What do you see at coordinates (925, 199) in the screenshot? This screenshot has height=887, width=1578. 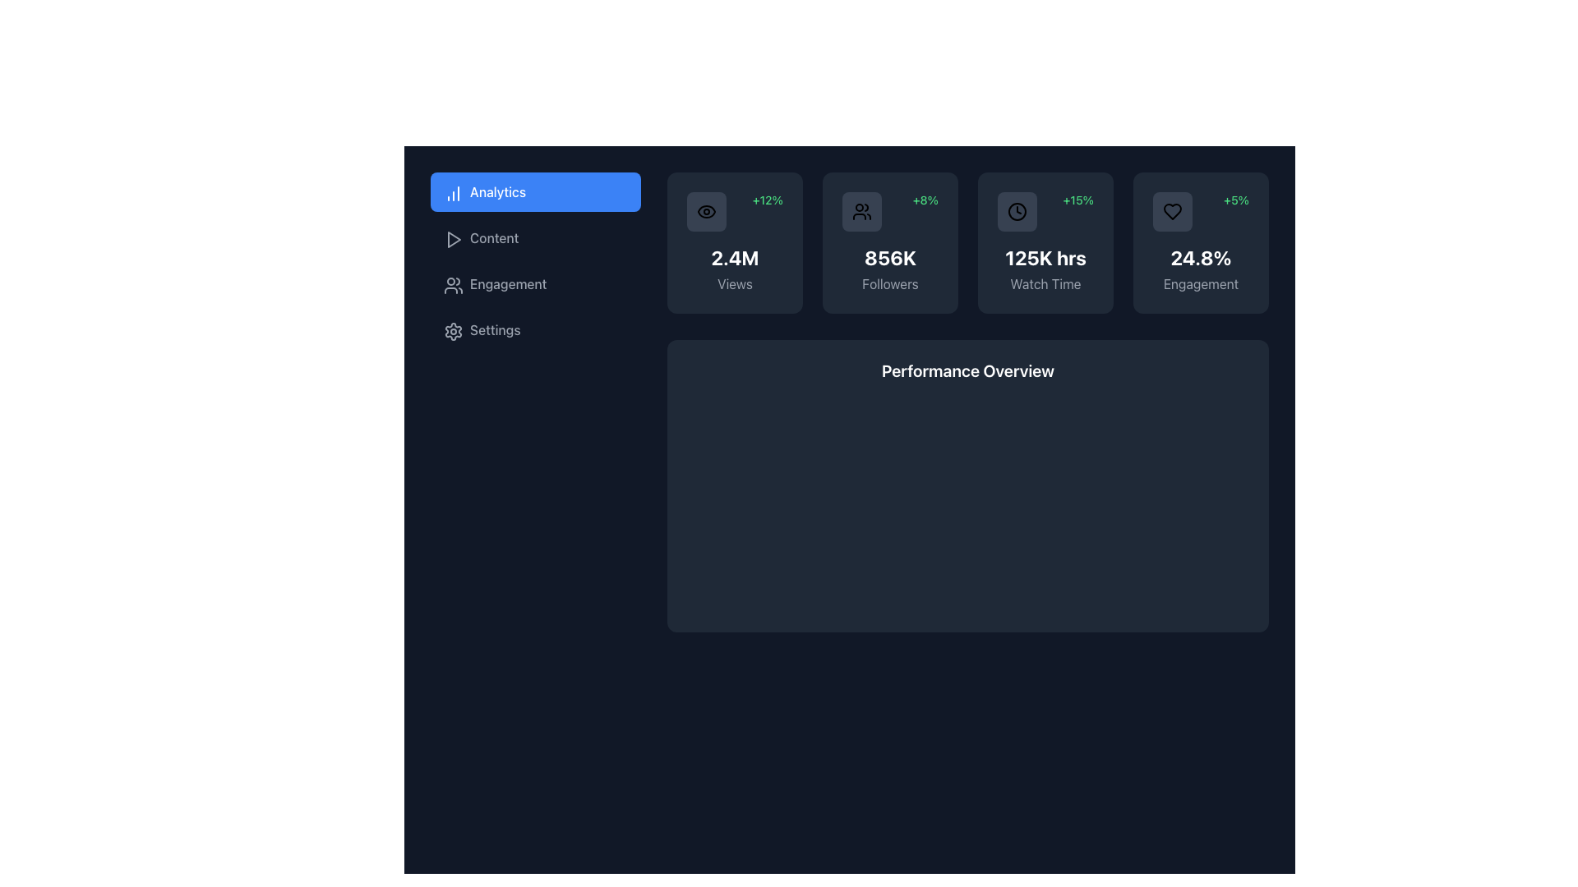 I see `the green textual label displaying '+8%' located in the top-right corner of the second card in a row of four cards` at bounding box center [925, 199].